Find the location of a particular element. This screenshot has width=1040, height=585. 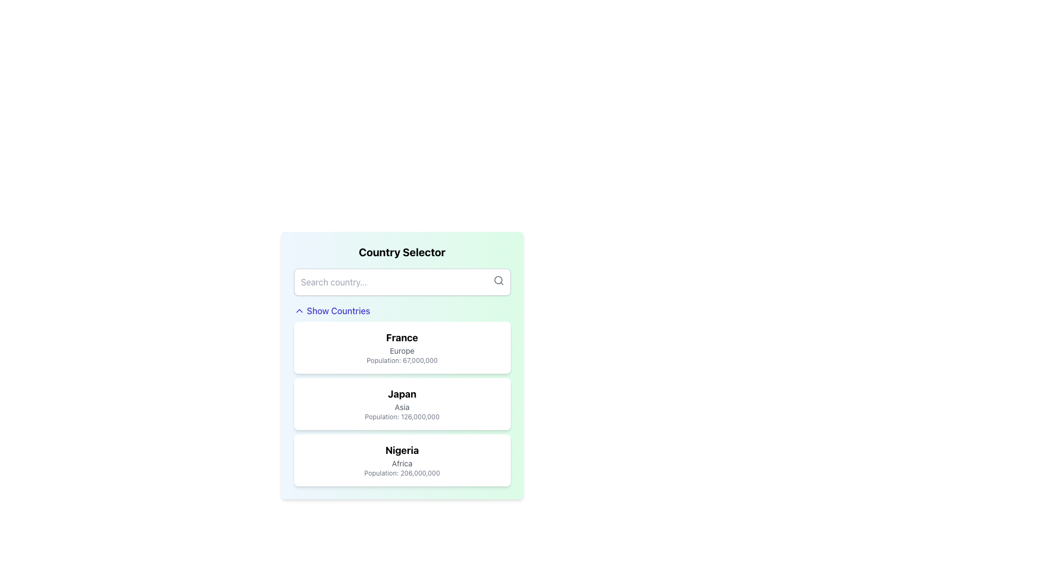

the 'Show Countries' button located below the search input box in the 'Country Selector' component is located at coordinates (331, 311).